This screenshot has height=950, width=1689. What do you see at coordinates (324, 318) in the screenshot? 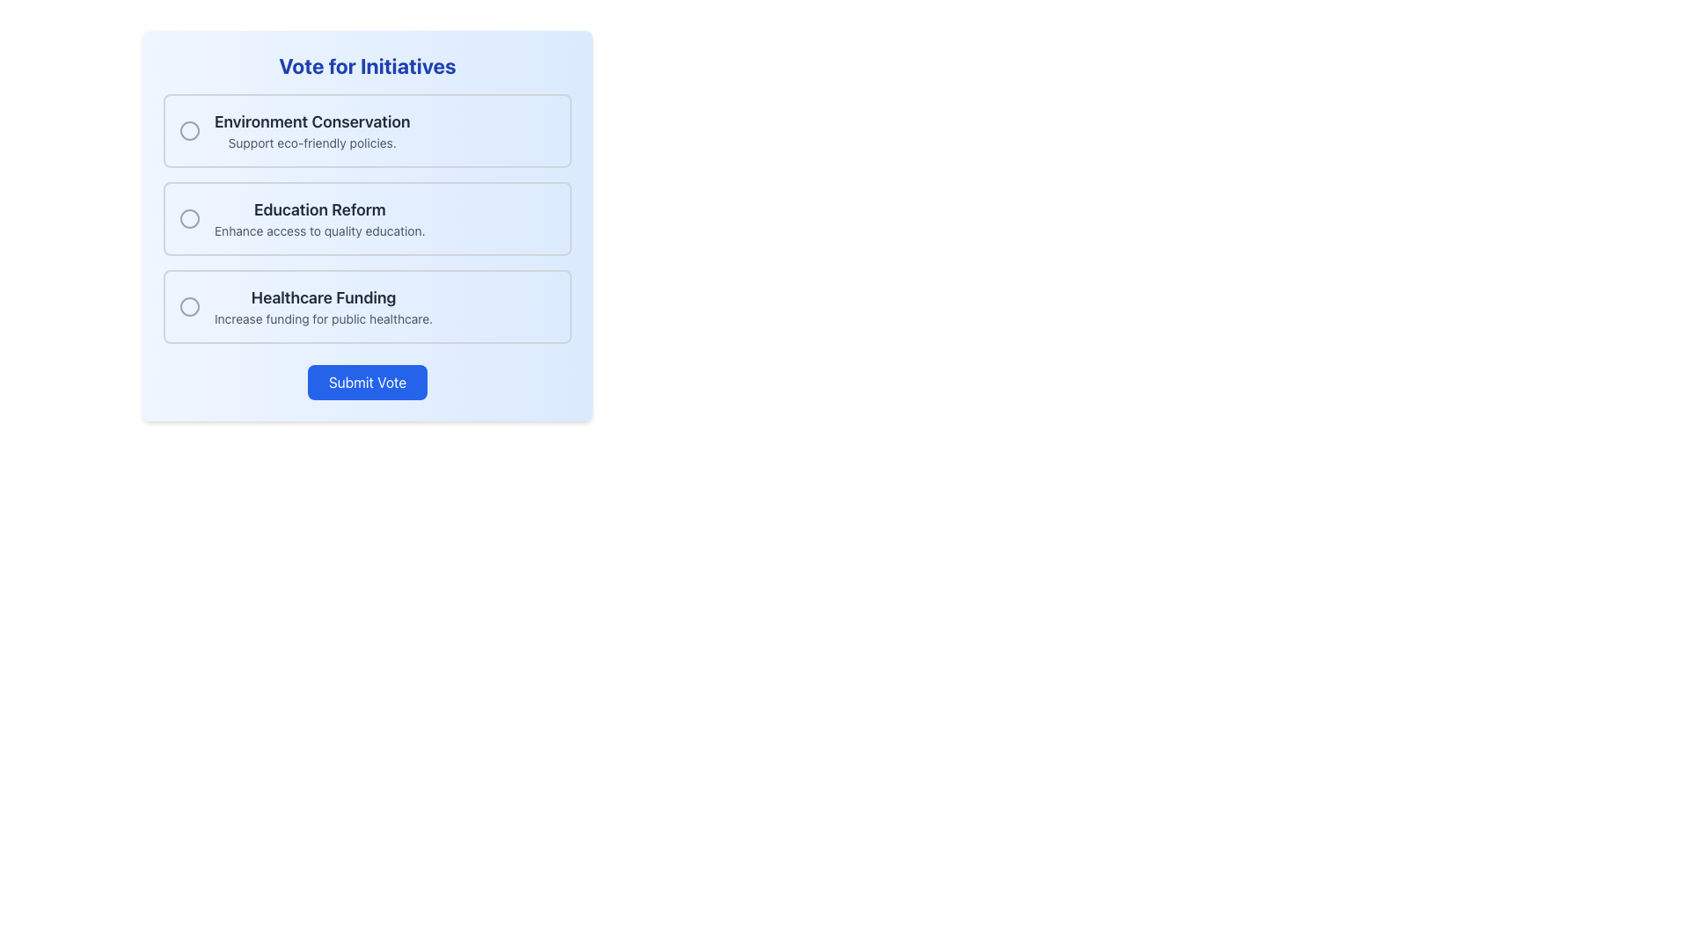
I see `text label providing details about the 'Healthcare Funding' initiative, located below the title 'Healthcare Funding' in the 'Vote for Initiatives' interface` at bounding box center [324, 318].